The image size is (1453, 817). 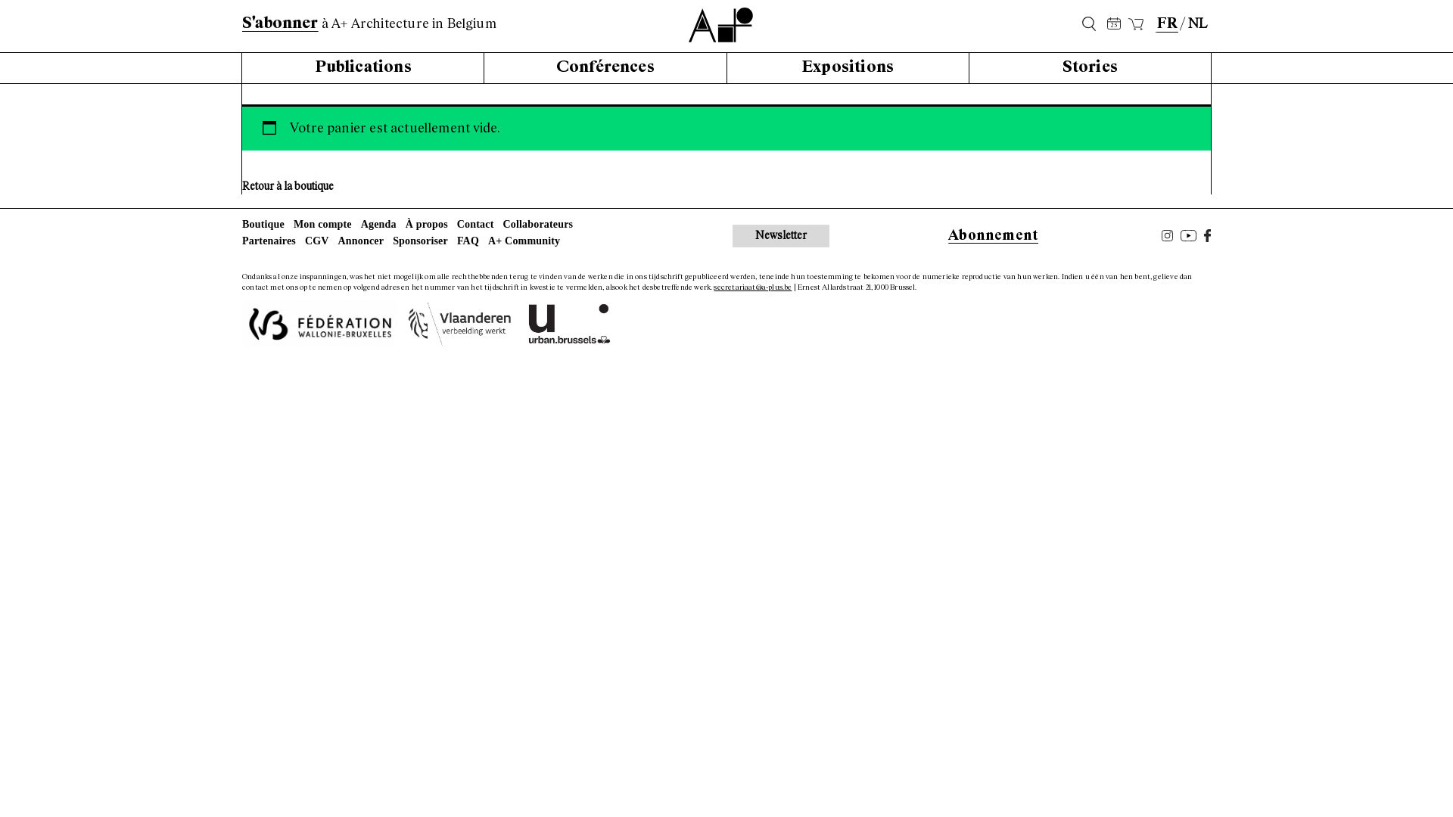 What do you see at coordinates (1206, 235) in the screenshot?
I see `'Facebook'` at bounding box center [1206, 235].